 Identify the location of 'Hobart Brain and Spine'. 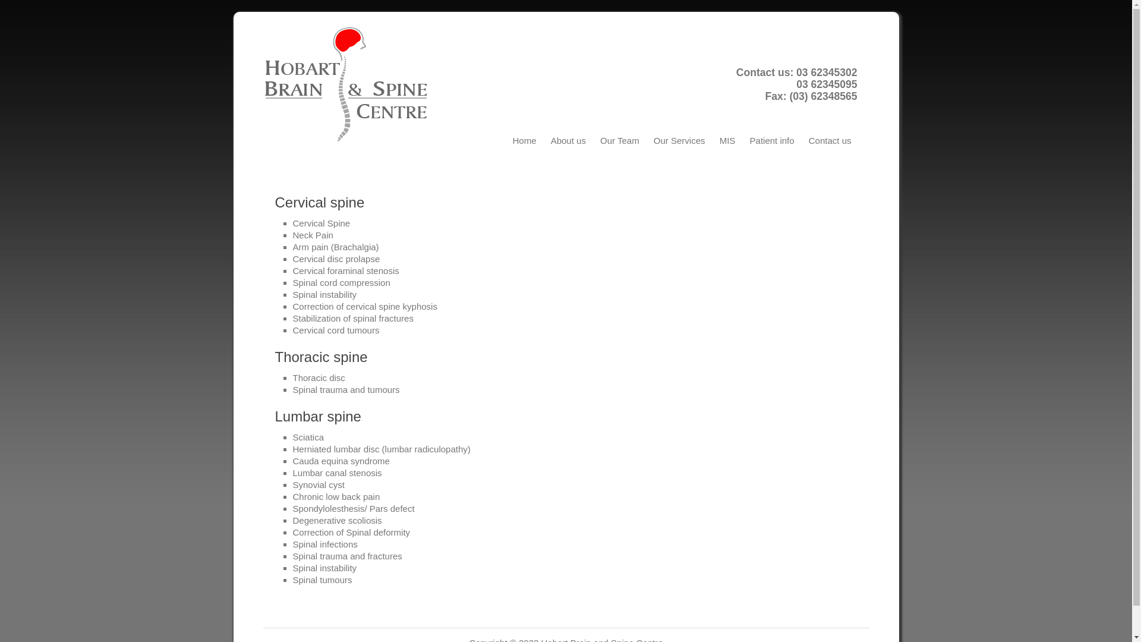
(261, 84).